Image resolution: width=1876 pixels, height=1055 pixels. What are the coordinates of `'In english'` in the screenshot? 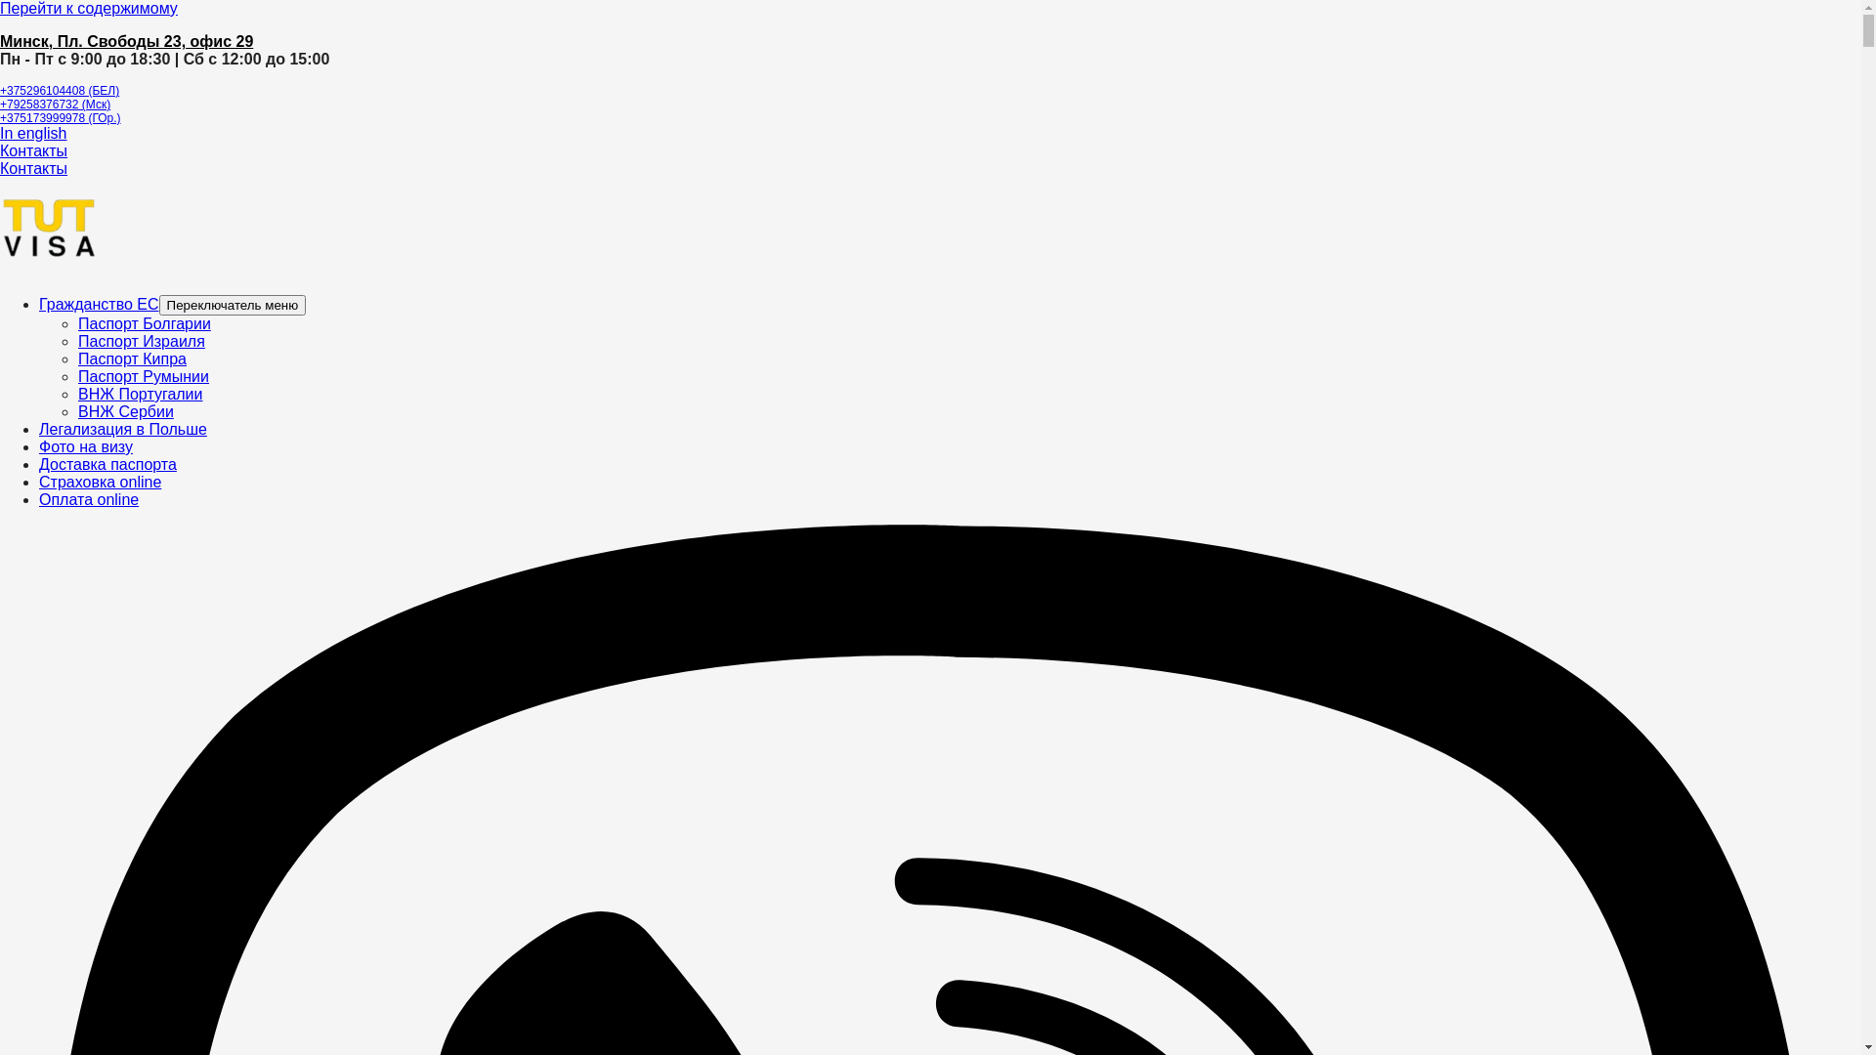 It's located at (33, 132).